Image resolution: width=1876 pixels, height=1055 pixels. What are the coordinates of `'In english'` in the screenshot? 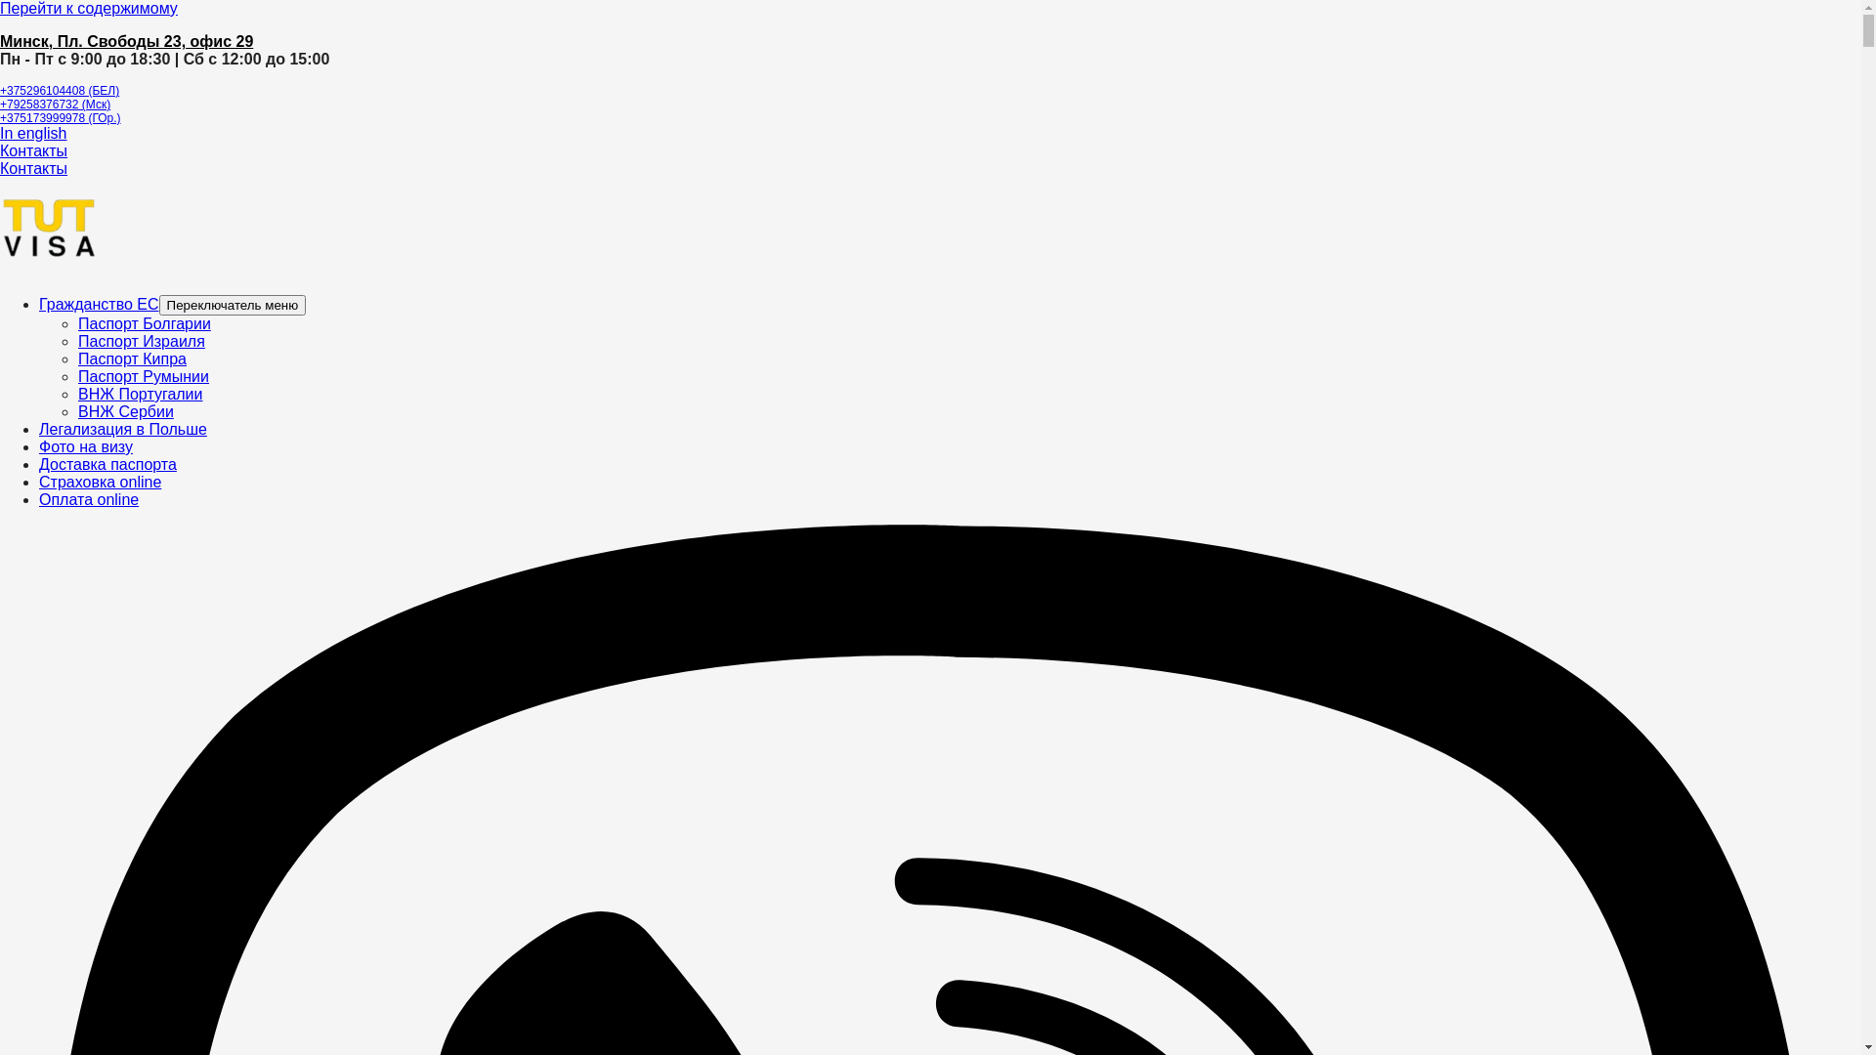 It's located at (33, 132).